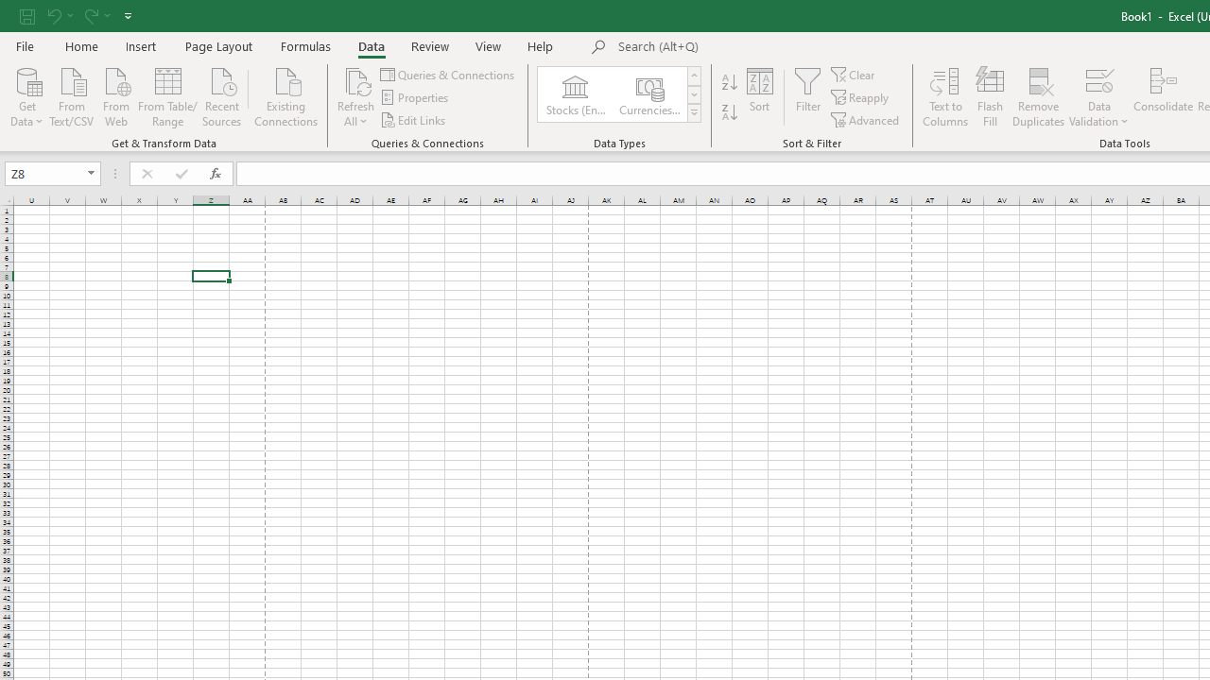 The width and height of the screenshot is (1210, 680). What do you see at coordinates (853, 74) in the screenshot?
I see `'Clear'` at bounding box center [853, 74].